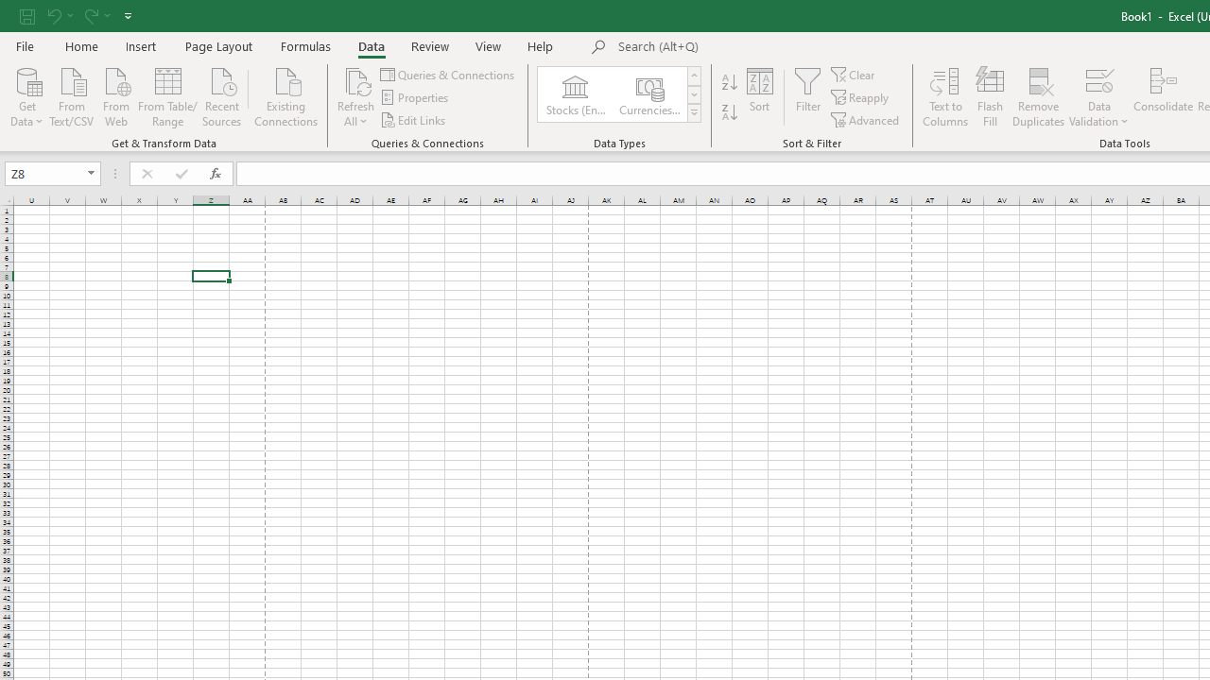 The width and height of the screenshot is (1210, 680). What do you see at coordinates (853, 74) in the screenshot?
I see `'Clear'` at bounding box center [853, 74].